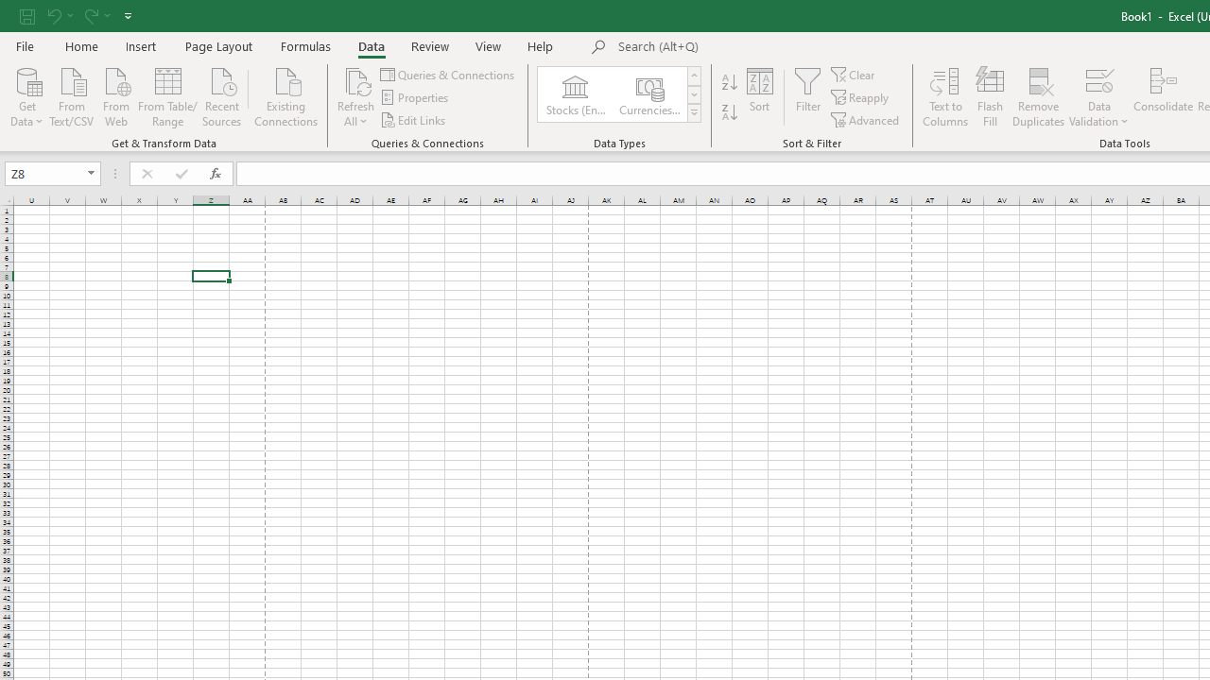 The width and height of the screenshot is (1210, 680). What do you see at coordinates (853, 74) in the screenshot?
I see `'Clear'` at bounding box center [853, 74].